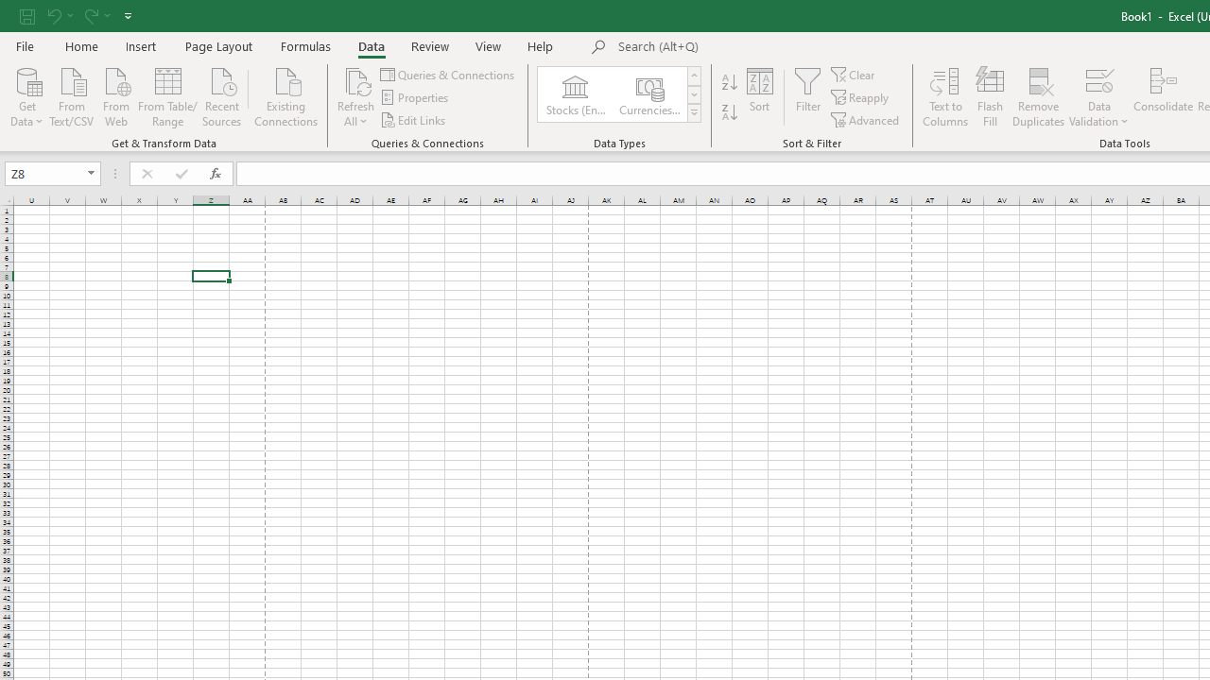 The width and height of the screenshot is (1210, 680). What do you see at coordinates (853, 74) in the screenshot?
I see `'Clear'` at bounding box center [853, 74].